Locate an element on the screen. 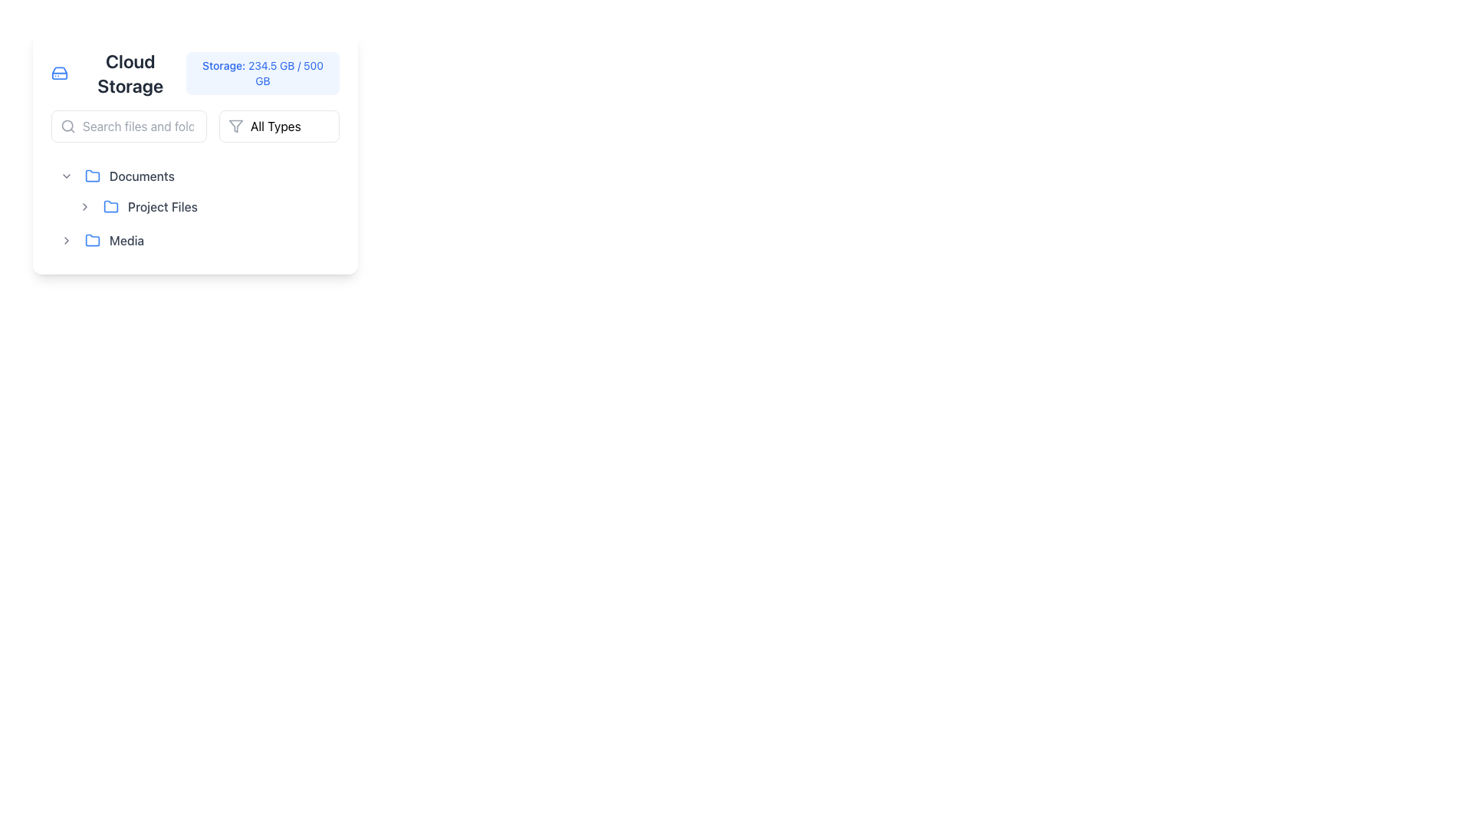 This screenshot has width=1472, height=828. the 'Media' folder item is located at coordinates (136, 240).